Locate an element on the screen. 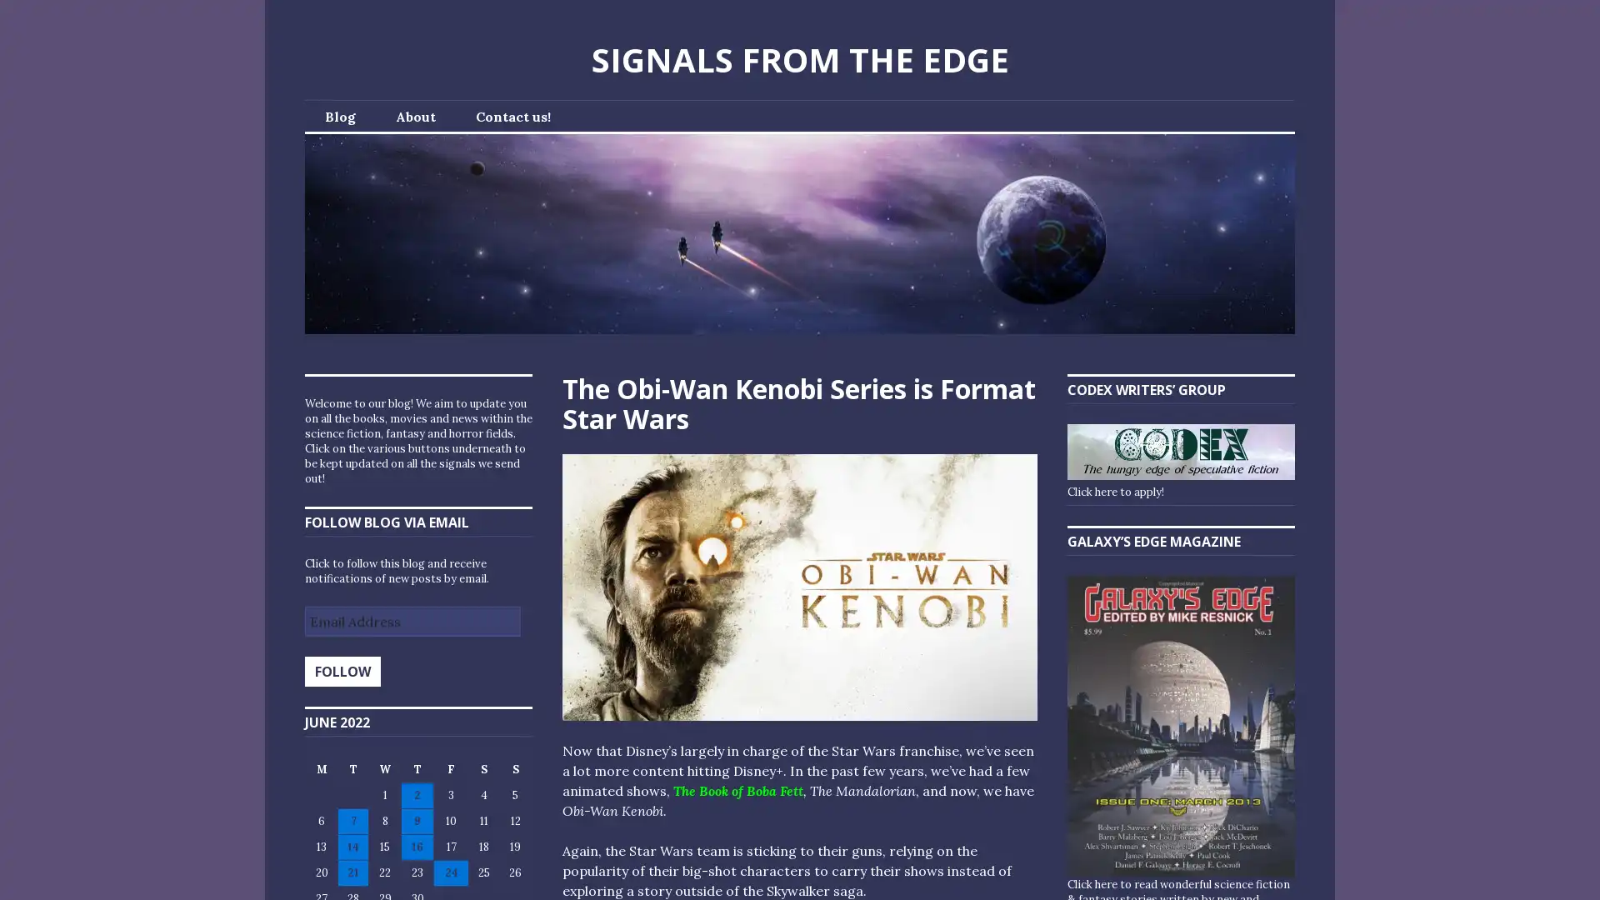 The image size is (1600, 900). FOLLOW is located at coordinates (342, 671).